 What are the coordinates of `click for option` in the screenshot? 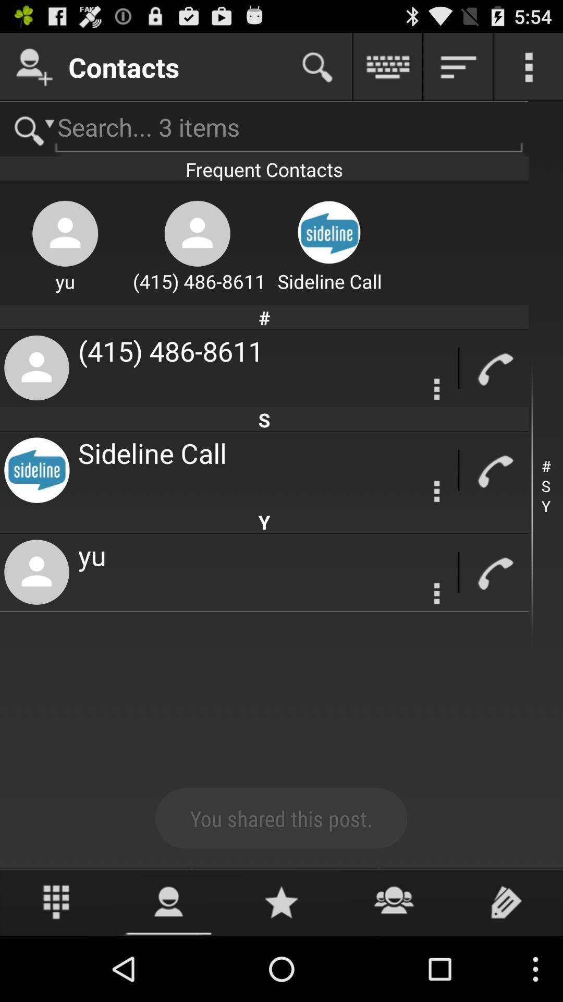 It's located at (437, 593).